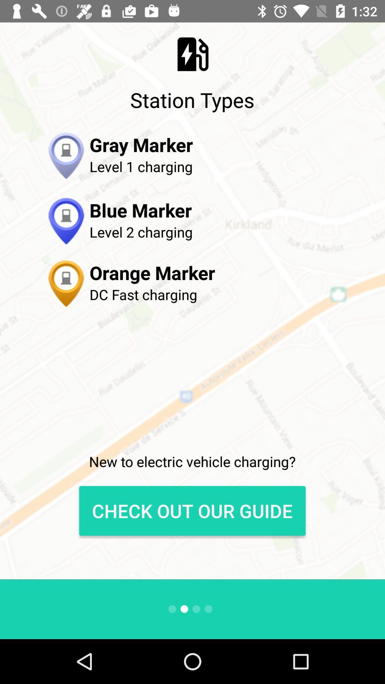 The height and width of the screenshot is (684, 385). I want to click on icon below new to electric item, so click(192, 511).